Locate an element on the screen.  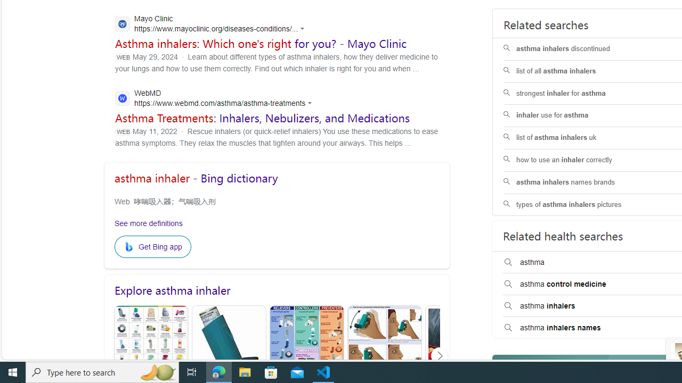
'Get Bing app' is located at coordinates (152, 247).